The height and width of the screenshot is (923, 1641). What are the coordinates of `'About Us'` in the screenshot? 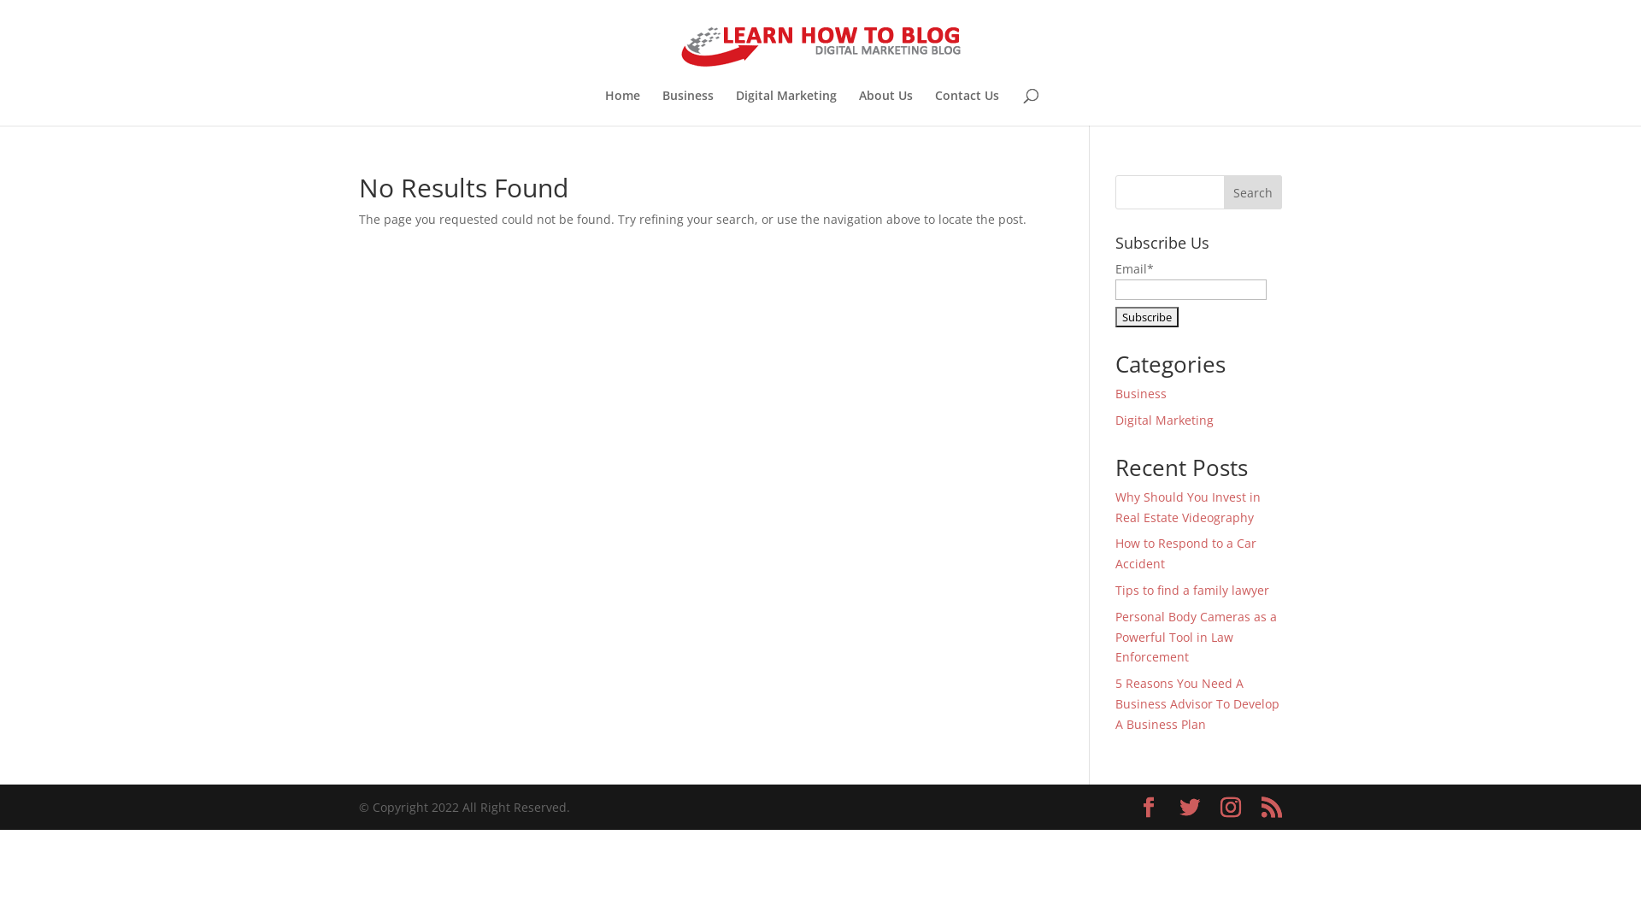 It's located at (857, 108).